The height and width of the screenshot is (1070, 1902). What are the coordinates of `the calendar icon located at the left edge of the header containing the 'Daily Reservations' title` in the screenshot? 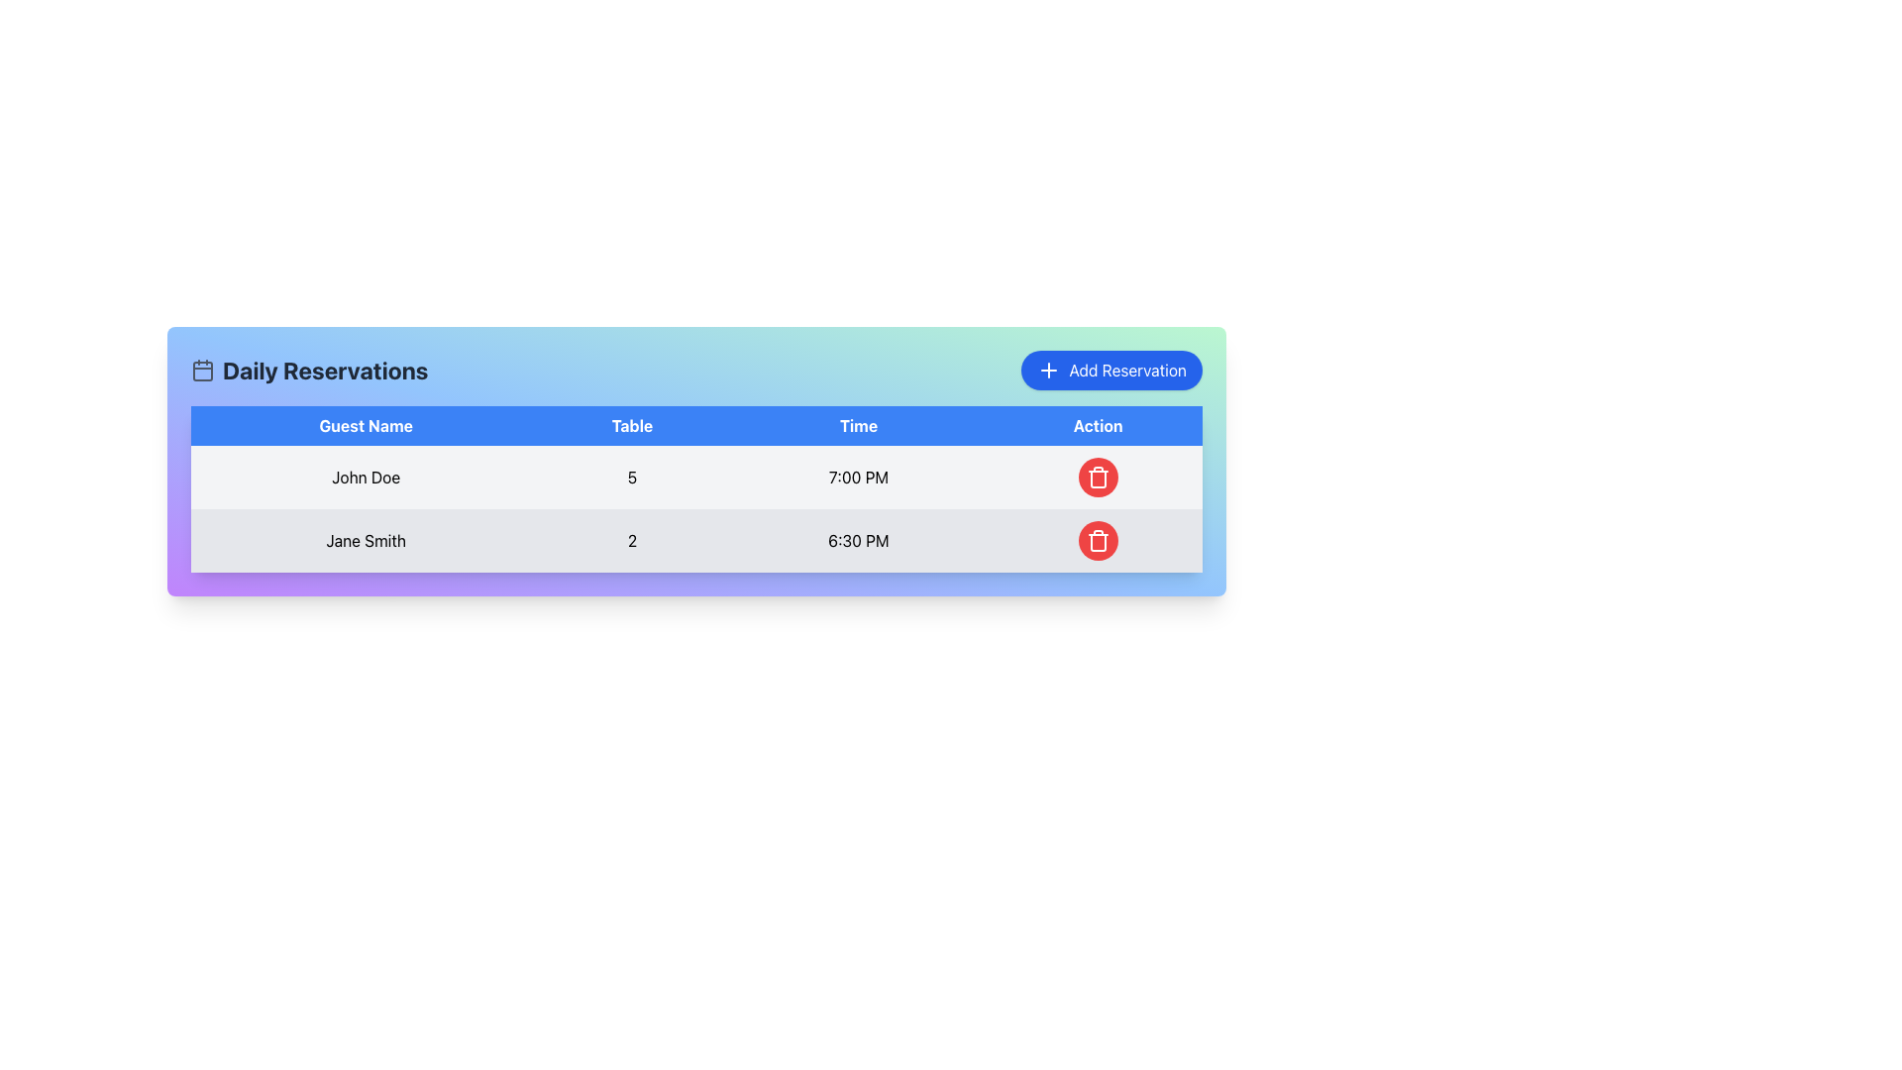 It's located at (203, 371).